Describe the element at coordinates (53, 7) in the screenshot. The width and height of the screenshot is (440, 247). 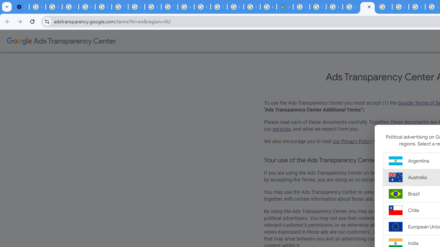
I see `'Learn how to find your photos - Google Photos Help'` at that location.